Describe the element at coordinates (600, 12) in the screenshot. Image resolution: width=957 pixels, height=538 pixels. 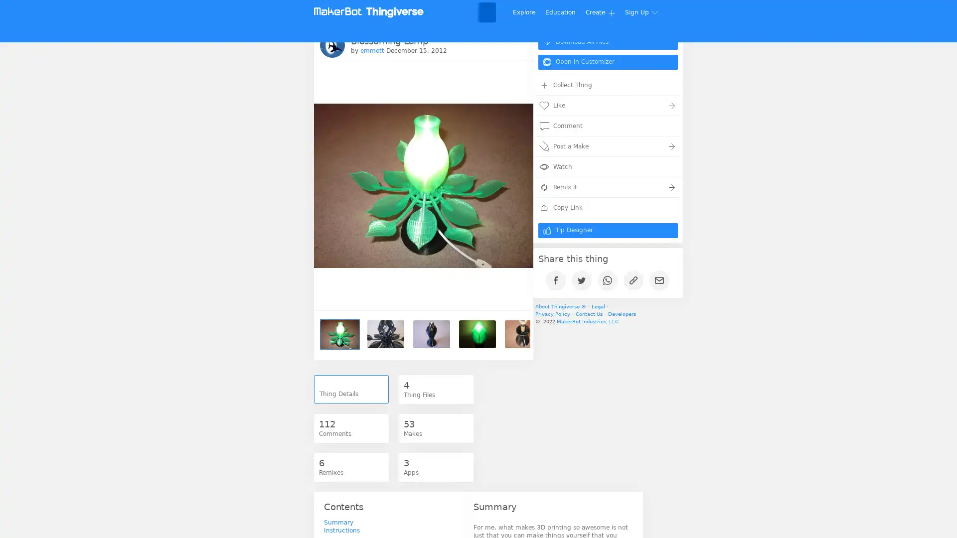
I see `Create` at that location.